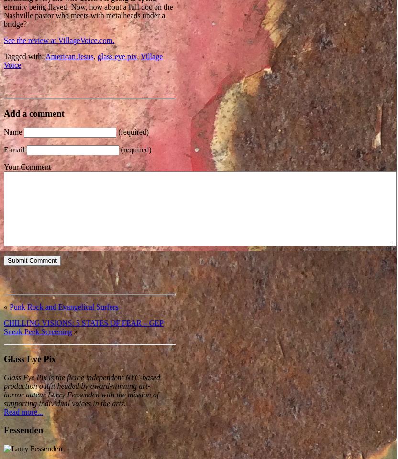  I want to click on 'Punk Rock and Evangelical Surfers', so click(64, 306).